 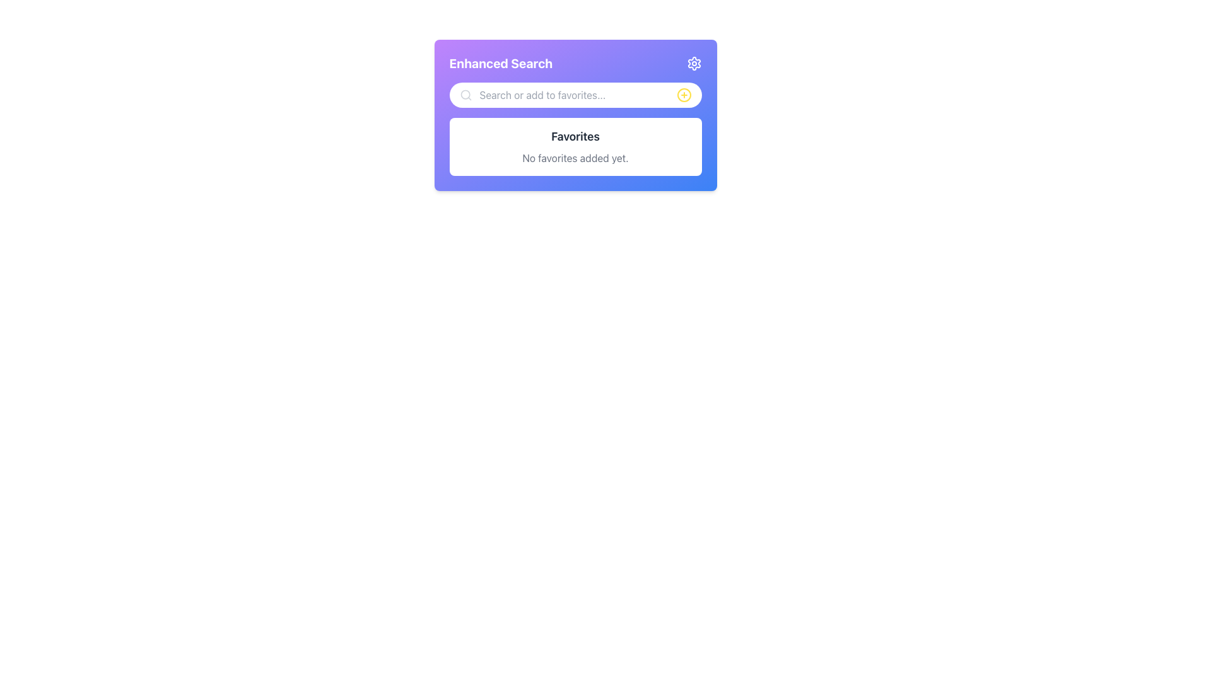 What do you see at coordinates (464, 94) in the screenshot?
I see `the decorative circle element within the magnifying glass icon in the search bar, which is located towards the left-center of the search bar` at bounding box center [464, 94].